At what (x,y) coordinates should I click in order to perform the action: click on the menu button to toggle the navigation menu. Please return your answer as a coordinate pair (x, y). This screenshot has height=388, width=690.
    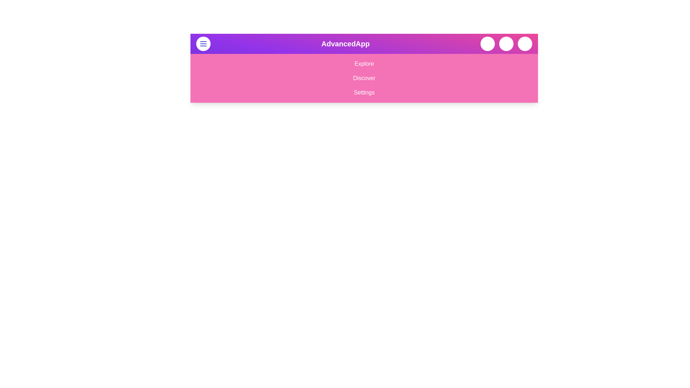
    Looking at the image, I should click on (203, 44).